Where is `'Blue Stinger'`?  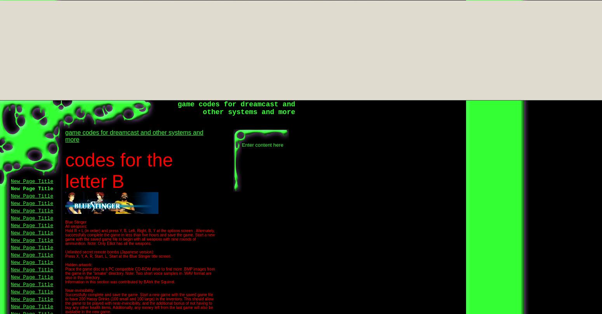
'Blue Stinger' is located at coordinates (75, 222).